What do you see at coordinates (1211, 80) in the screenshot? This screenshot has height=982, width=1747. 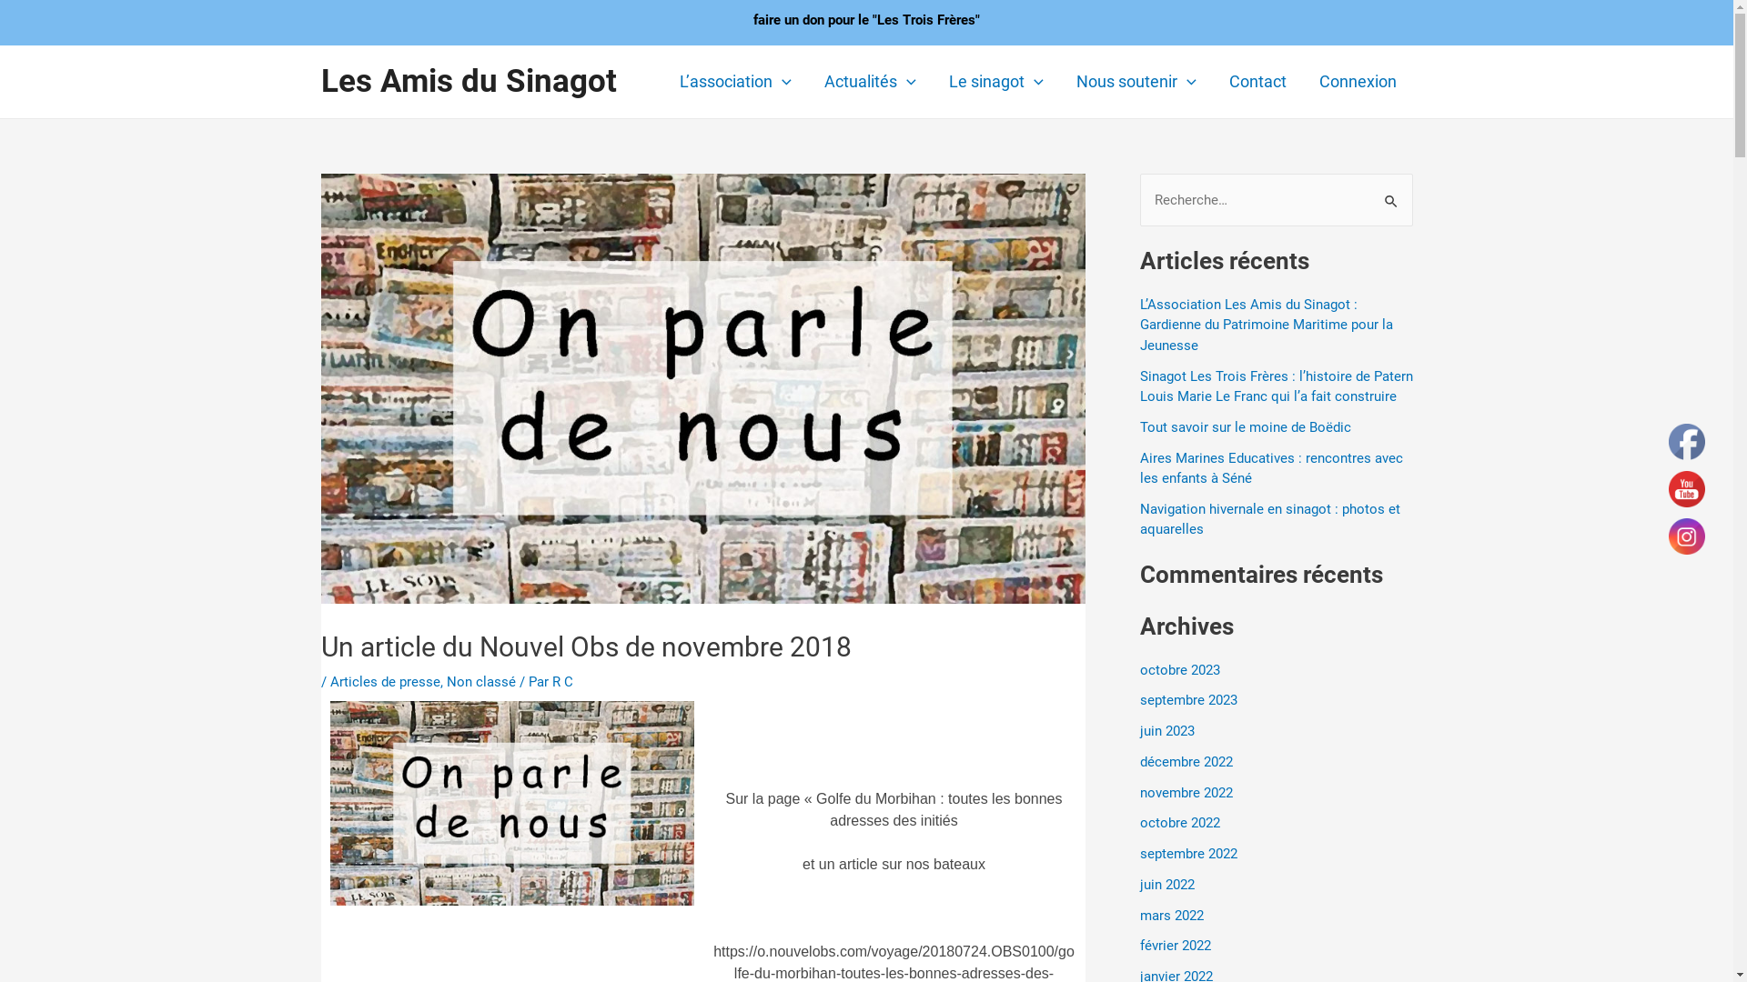 I see `'Contact'` at bounding box center [1211, 80].